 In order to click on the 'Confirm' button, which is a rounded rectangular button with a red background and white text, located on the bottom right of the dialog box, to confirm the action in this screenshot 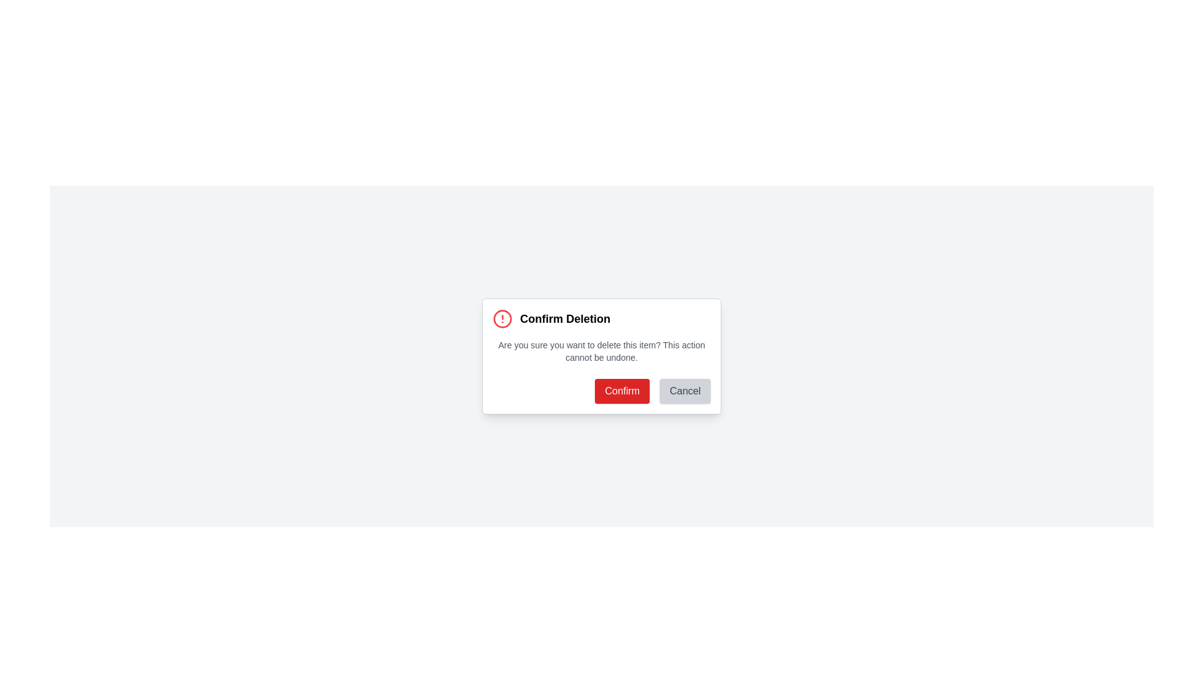, I will do `click(622, 391)`.